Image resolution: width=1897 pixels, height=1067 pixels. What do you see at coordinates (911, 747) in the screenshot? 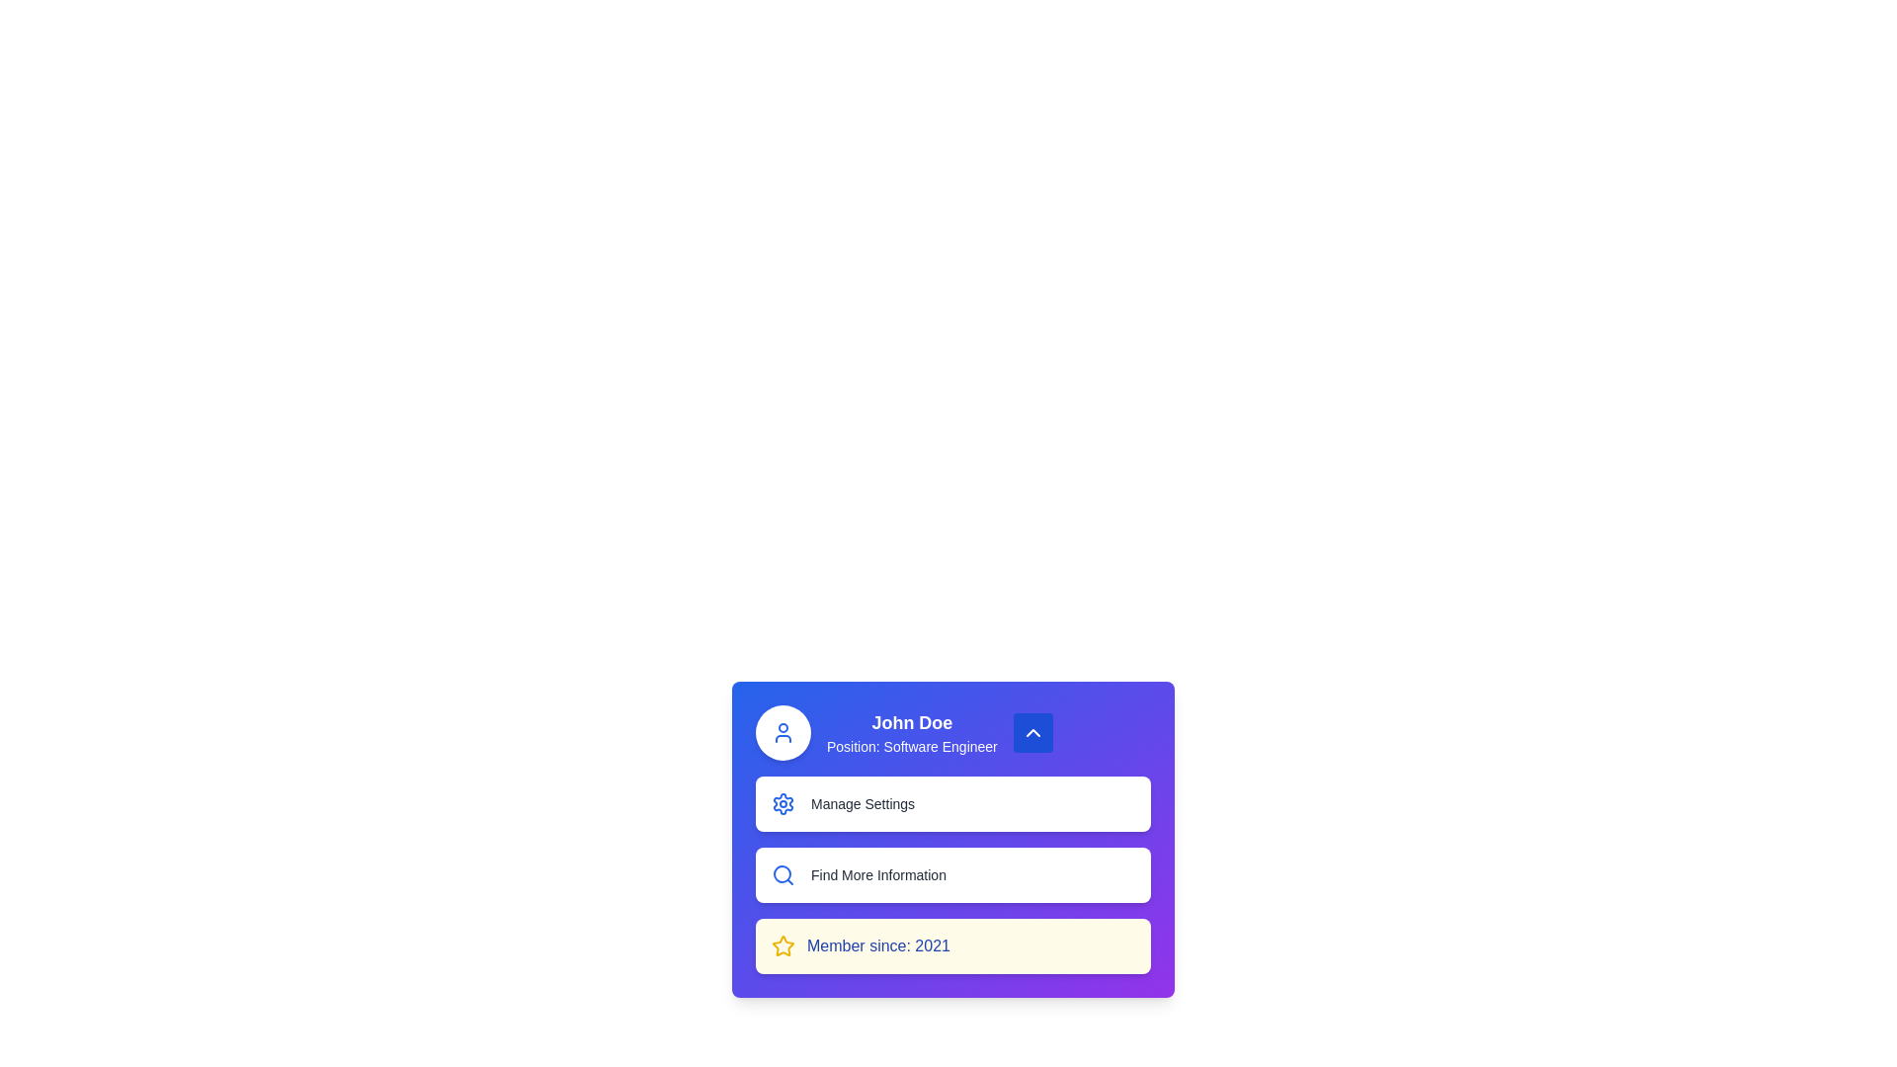
I see `the text label displaying 'Position: Software Engineer', which is styled with a smaller font size and is located directly beneath the title 'John Doe'` at bounding box center [911, 747].